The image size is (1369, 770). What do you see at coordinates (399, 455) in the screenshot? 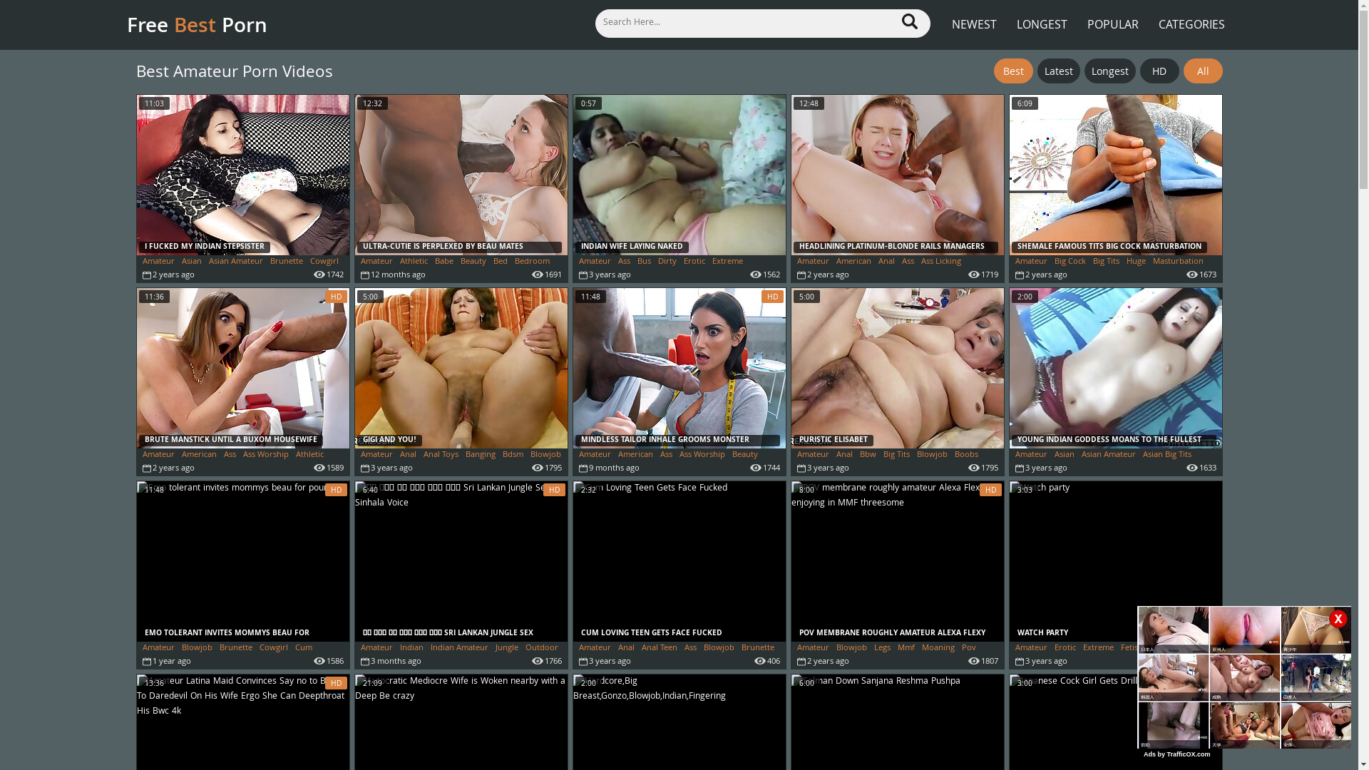
I see `'Anal'` at bounding box center [399, 455].